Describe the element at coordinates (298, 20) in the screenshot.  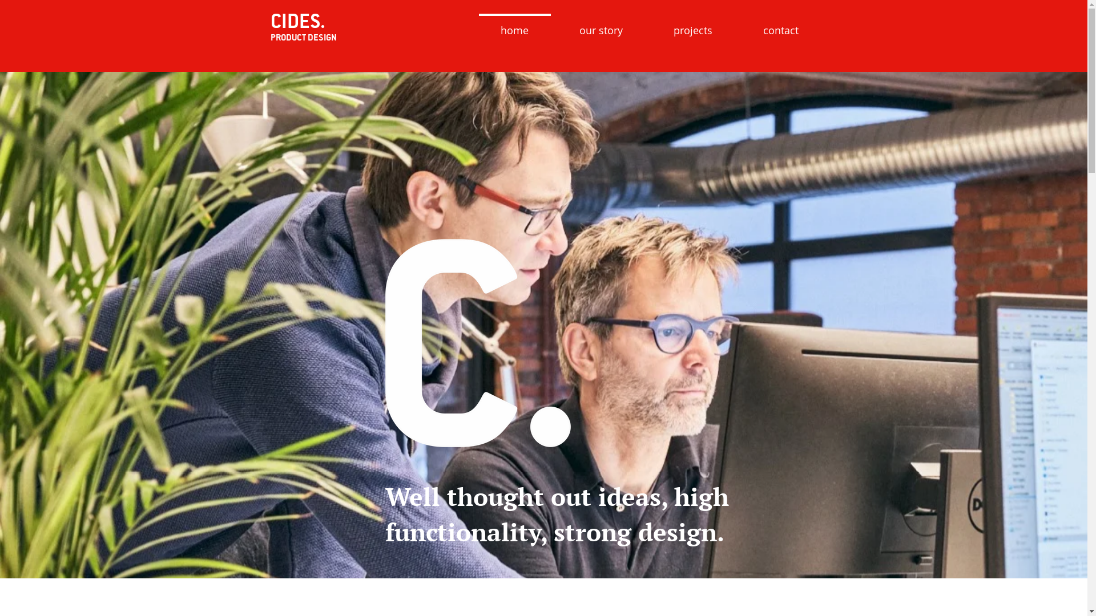
I see `'CIDES.'` at that location.